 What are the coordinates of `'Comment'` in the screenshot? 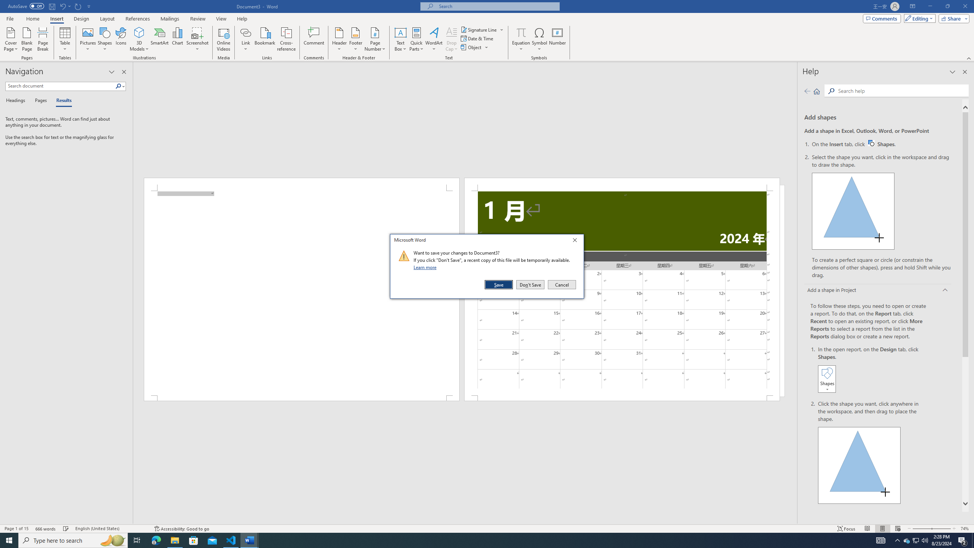 It's located at (314, 39).